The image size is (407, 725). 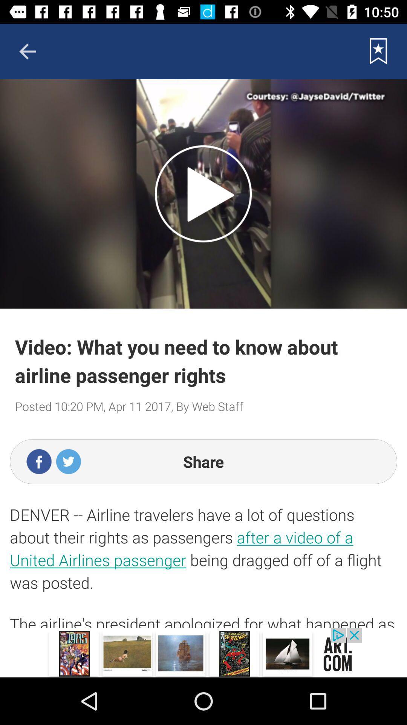 What do you see at coordinates (203, 652) in the screenshot?
I see `advertisement sponsored` at bounding box center [203, 652].